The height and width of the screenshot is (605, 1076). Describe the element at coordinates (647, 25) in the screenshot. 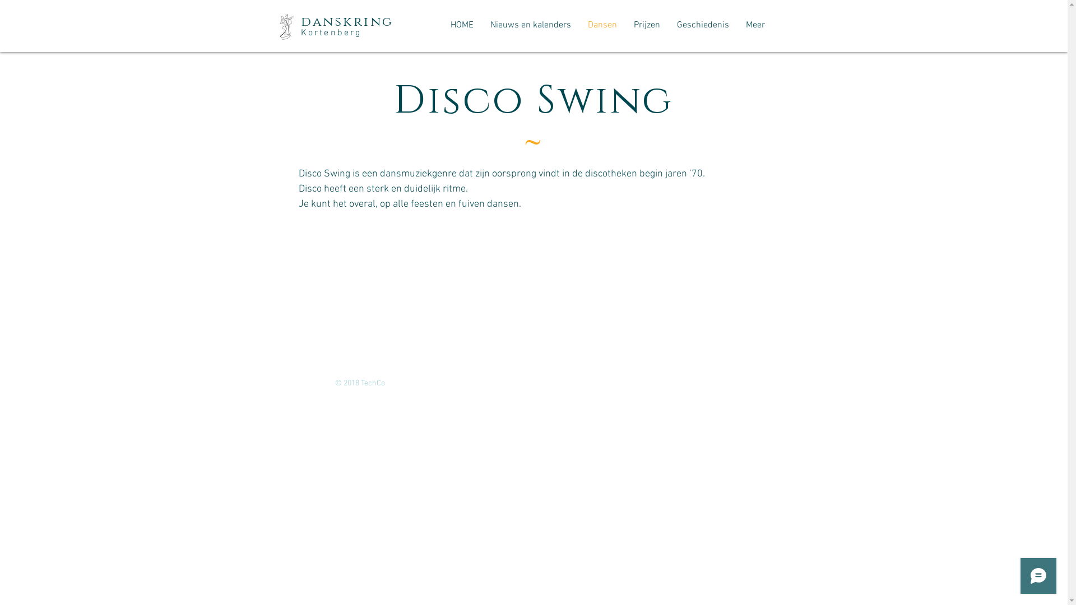

I see `'Prijzen'` at that location.